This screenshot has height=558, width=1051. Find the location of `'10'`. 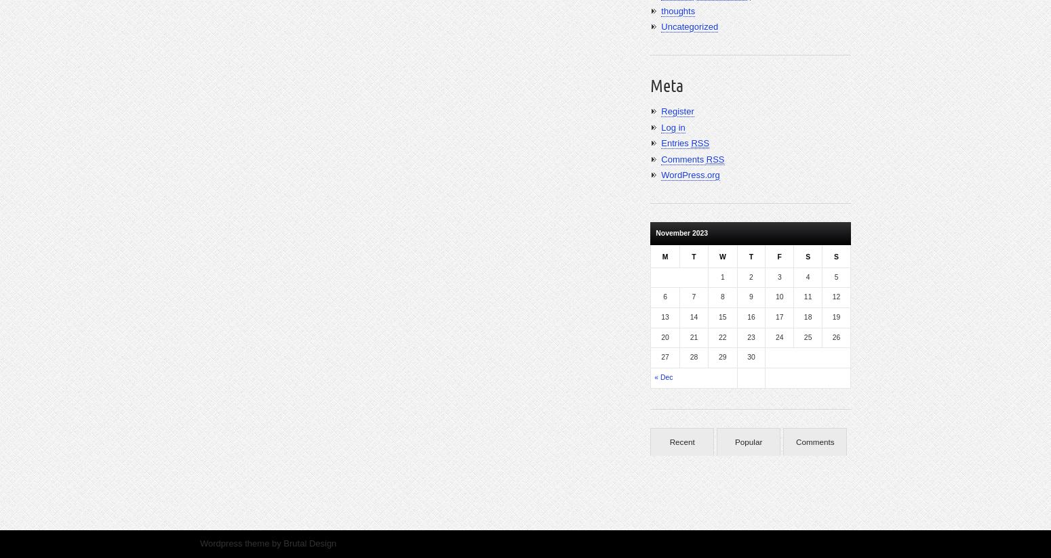

'10' is located at coordinates (778, 296).